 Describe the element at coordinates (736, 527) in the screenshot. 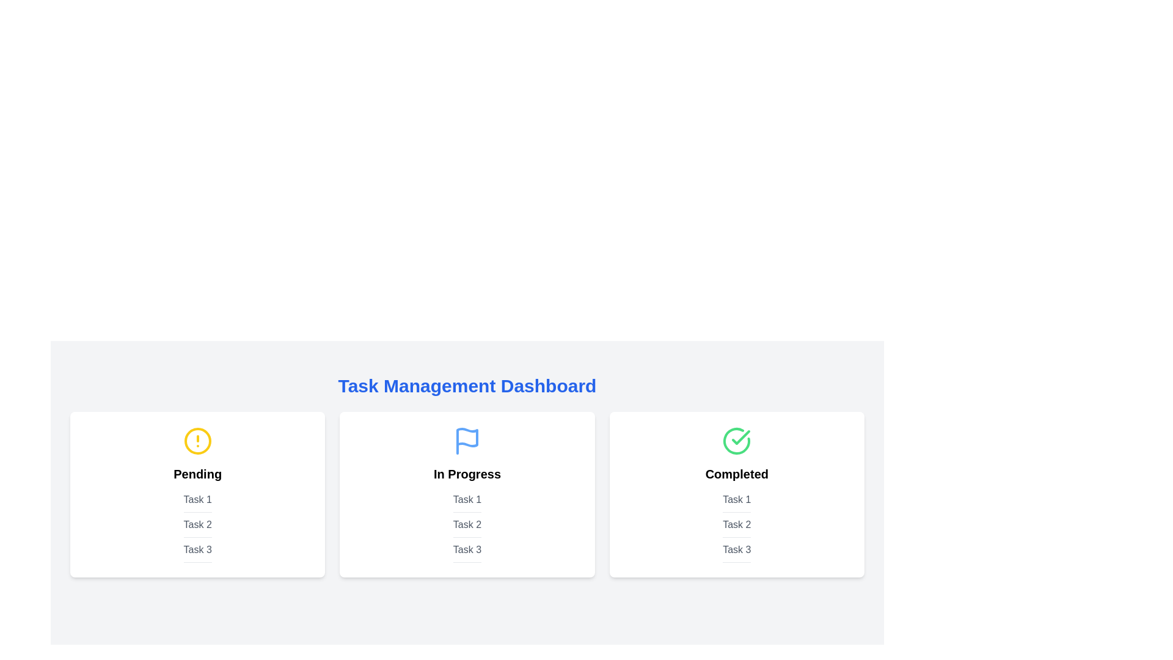

I see `the text block containing the three tasks labeled 'Task 1,' 'Task 2,' and 'Task 3,' which is located in the 'Completed' section of the task management interface, positioned below the green check icon and the 'Completed' header` at that location.